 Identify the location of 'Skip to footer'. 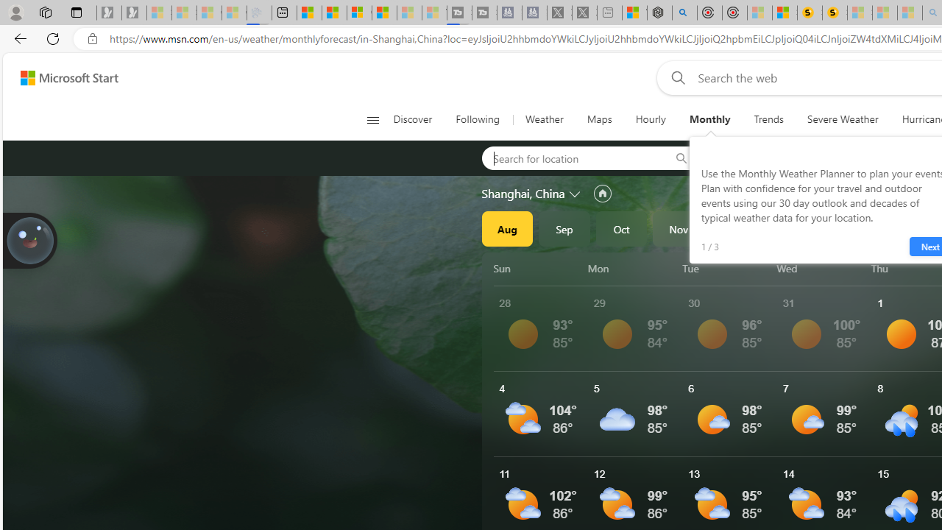
(60, 77).